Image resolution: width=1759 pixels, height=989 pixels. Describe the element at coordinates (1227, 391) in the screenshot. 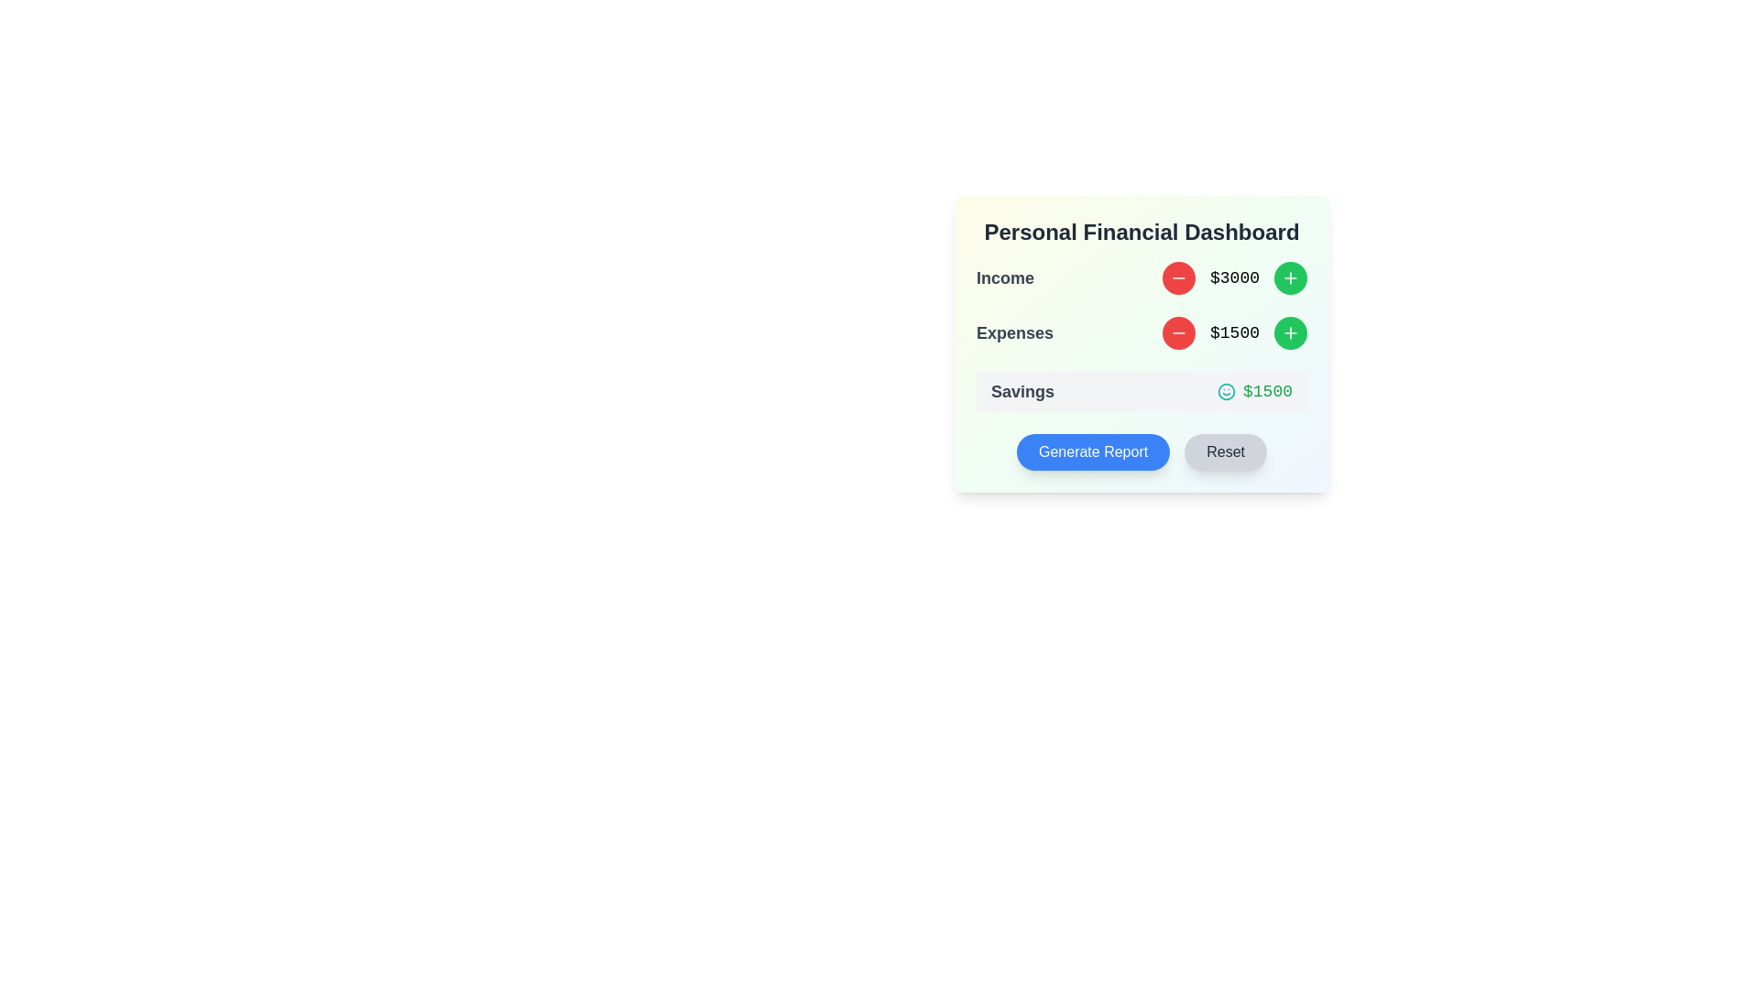

I see `the circular teal stroke icon within the smiley face icon that represents a positive emotion, located next to the '$1500' value under the 'Savings' section of the dashboard` at that location.